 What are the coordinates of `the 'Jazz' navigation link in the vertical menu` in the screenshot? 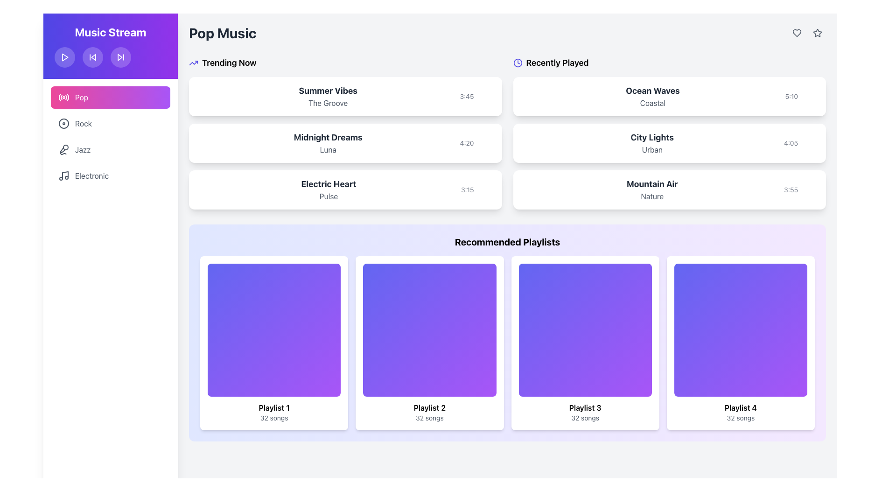 It's located at (83, 149).